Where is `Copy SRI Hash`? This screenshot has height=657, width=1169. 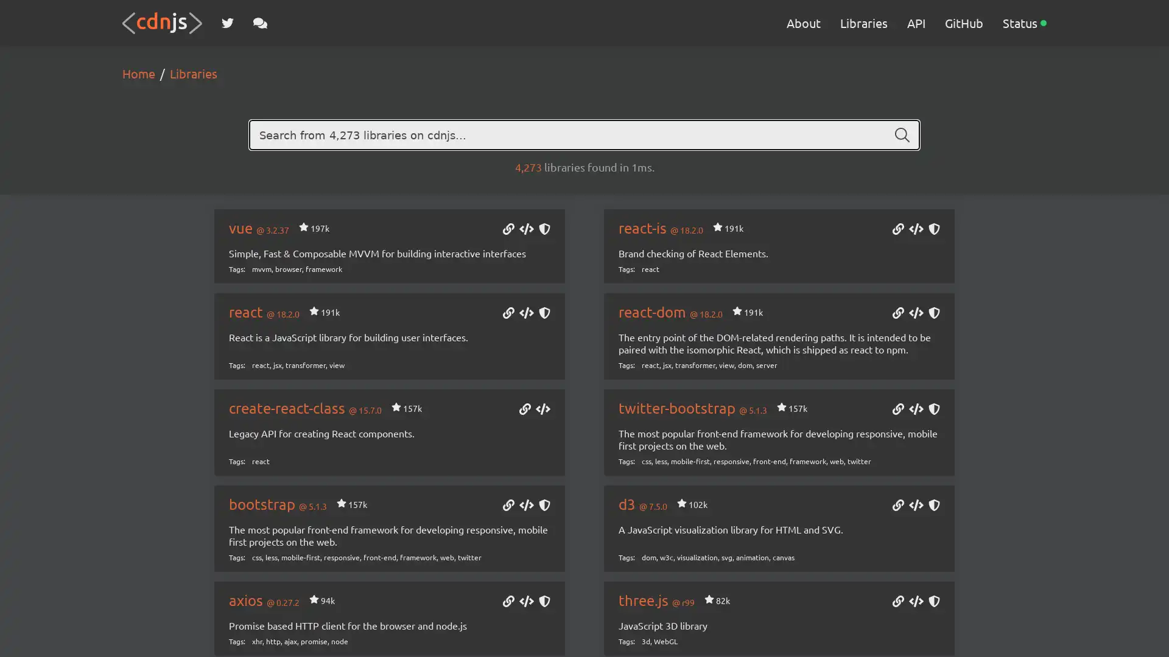
Copy SRI Hash is located at coordinates (933, 602).